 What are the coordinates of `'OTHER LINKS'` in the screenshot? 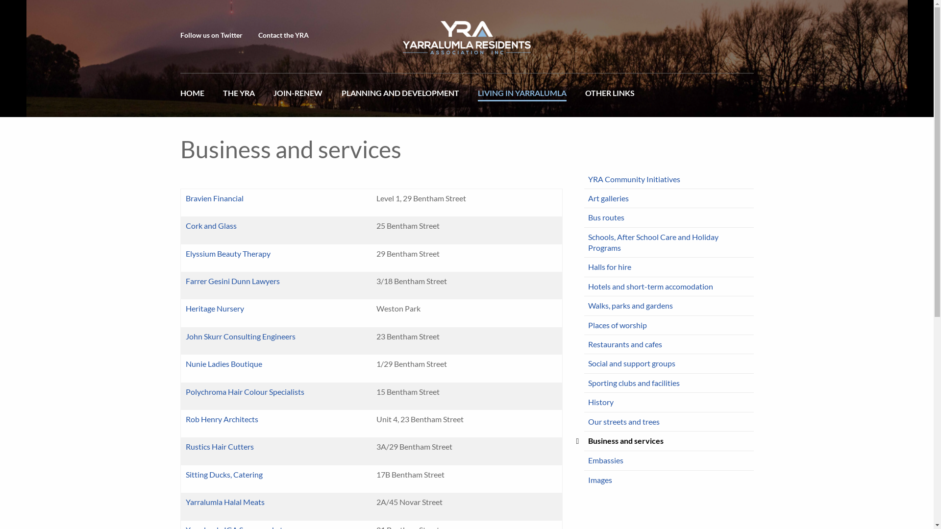 It's located at (609, 95).